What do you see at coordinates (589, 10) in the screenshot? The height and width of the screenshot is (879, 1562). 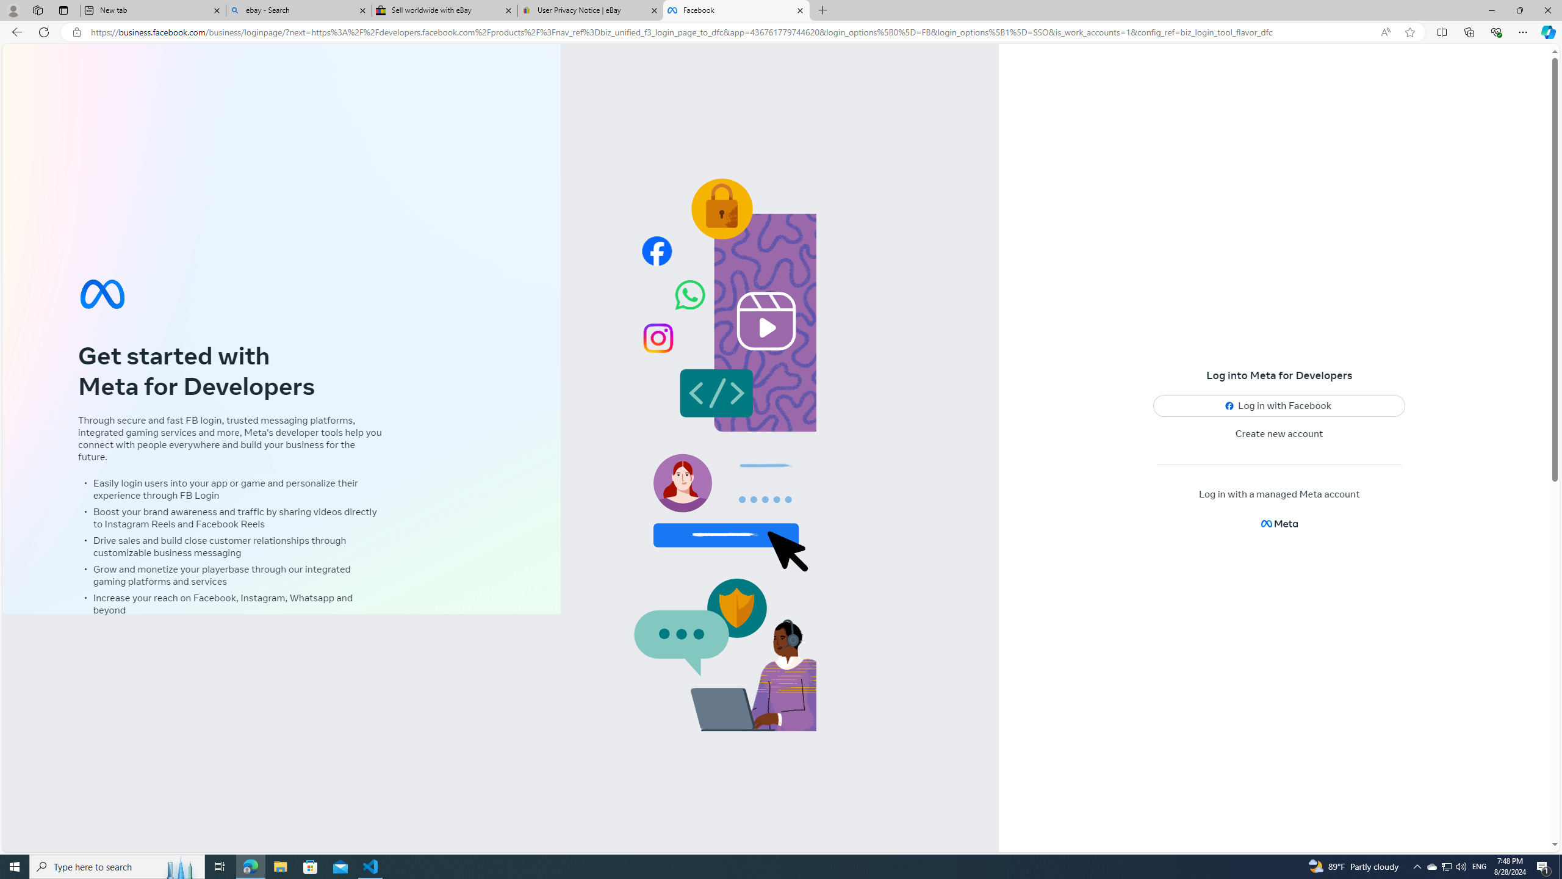 I see `'User Privacy Notice | eBay'` at bounding box center [589, 10].